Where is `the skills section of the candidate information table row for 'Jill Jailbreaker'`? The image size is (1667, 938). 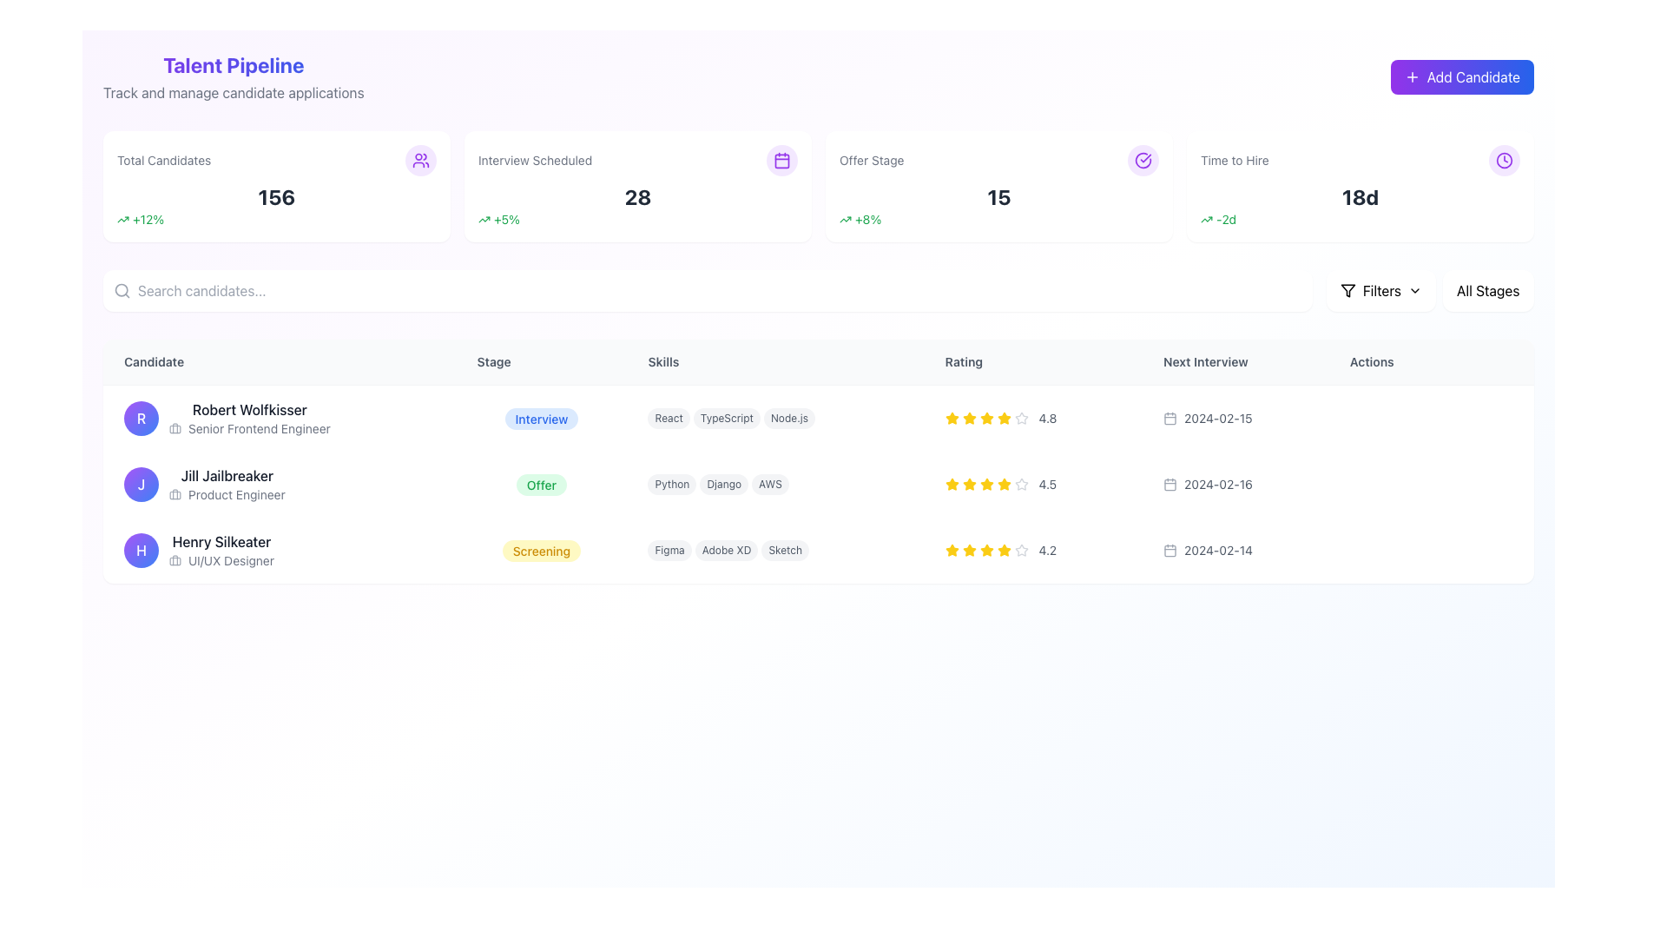 the skills section of the candidate information table row for 'Jill Jailbreaker' is located at coordinates (817, 485).